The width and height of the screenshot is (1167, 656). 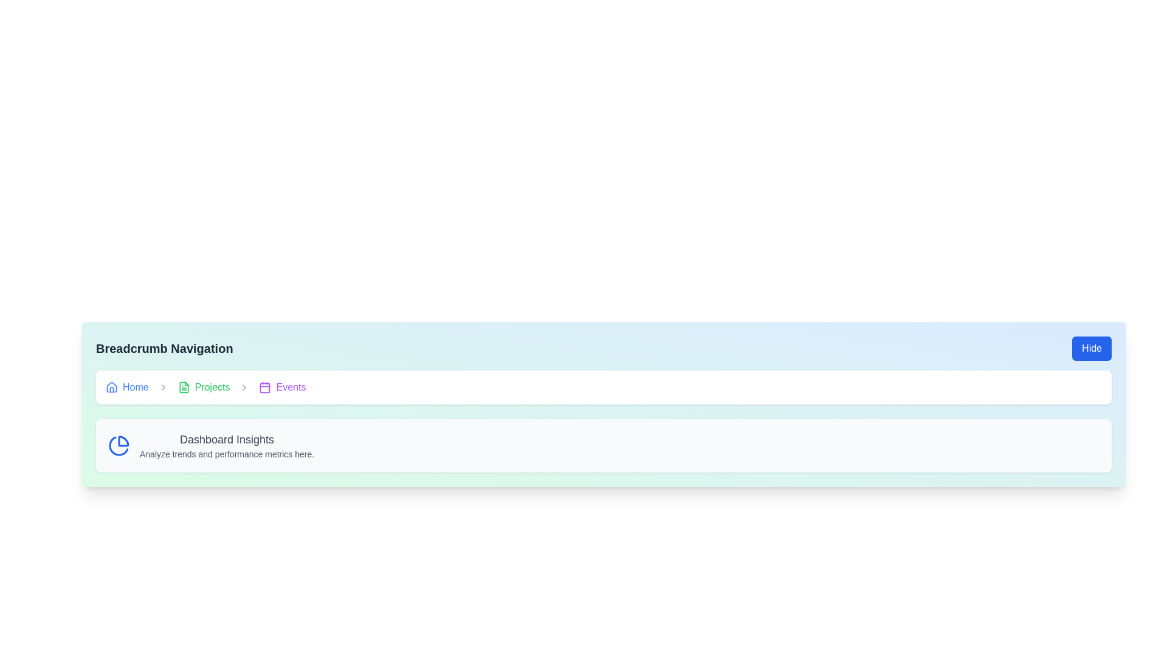 I want to click on the text label displaying 'Analyze trends and performance metrics here.' which is styled in gray and located below 'Dashboard Insights', so click(x=227, y=454).